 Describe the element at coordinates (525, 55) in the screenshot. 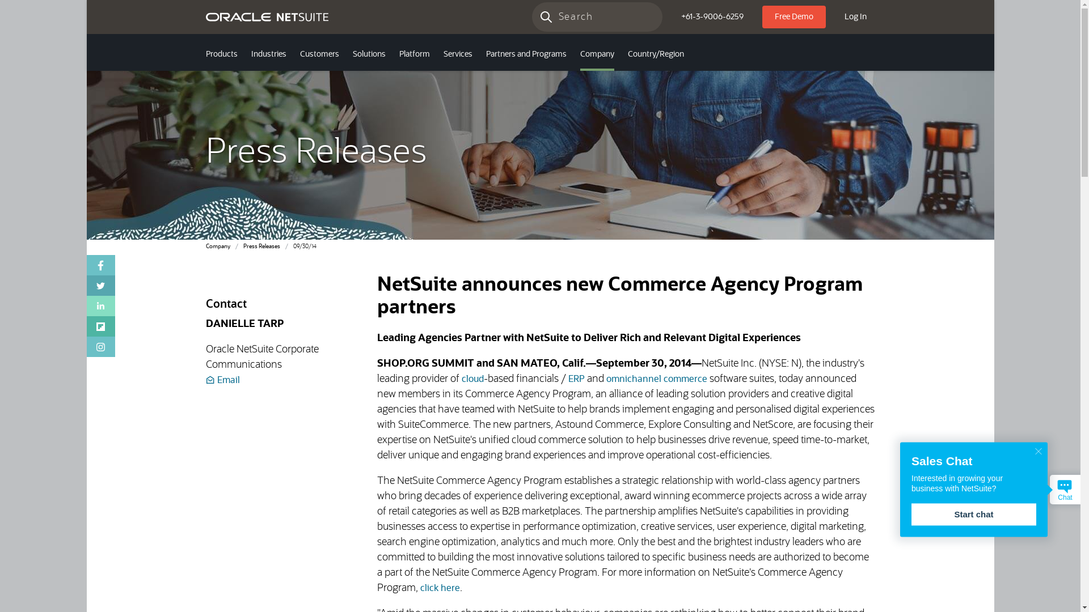

I see `'Partners and Programs'` at that location.